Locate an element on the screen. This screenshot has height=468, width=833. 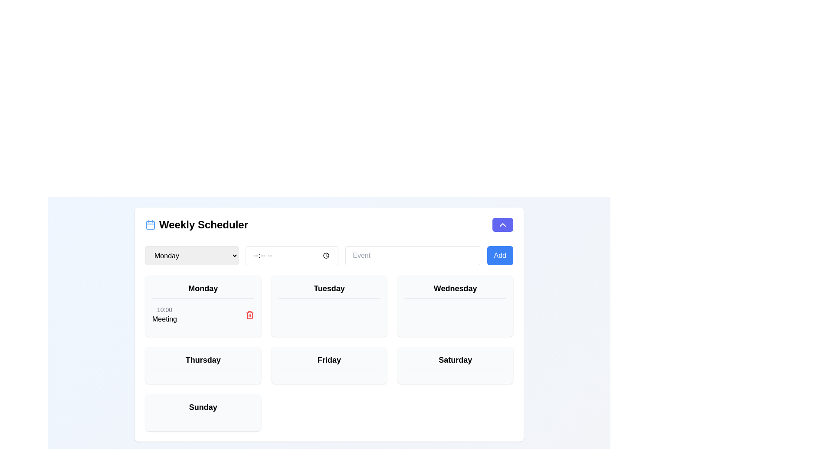
the event details by reading the text of the Event entry located under the header 'Monday', which contains the times and the title 'Meeting' is located at coordinates (203, 315).